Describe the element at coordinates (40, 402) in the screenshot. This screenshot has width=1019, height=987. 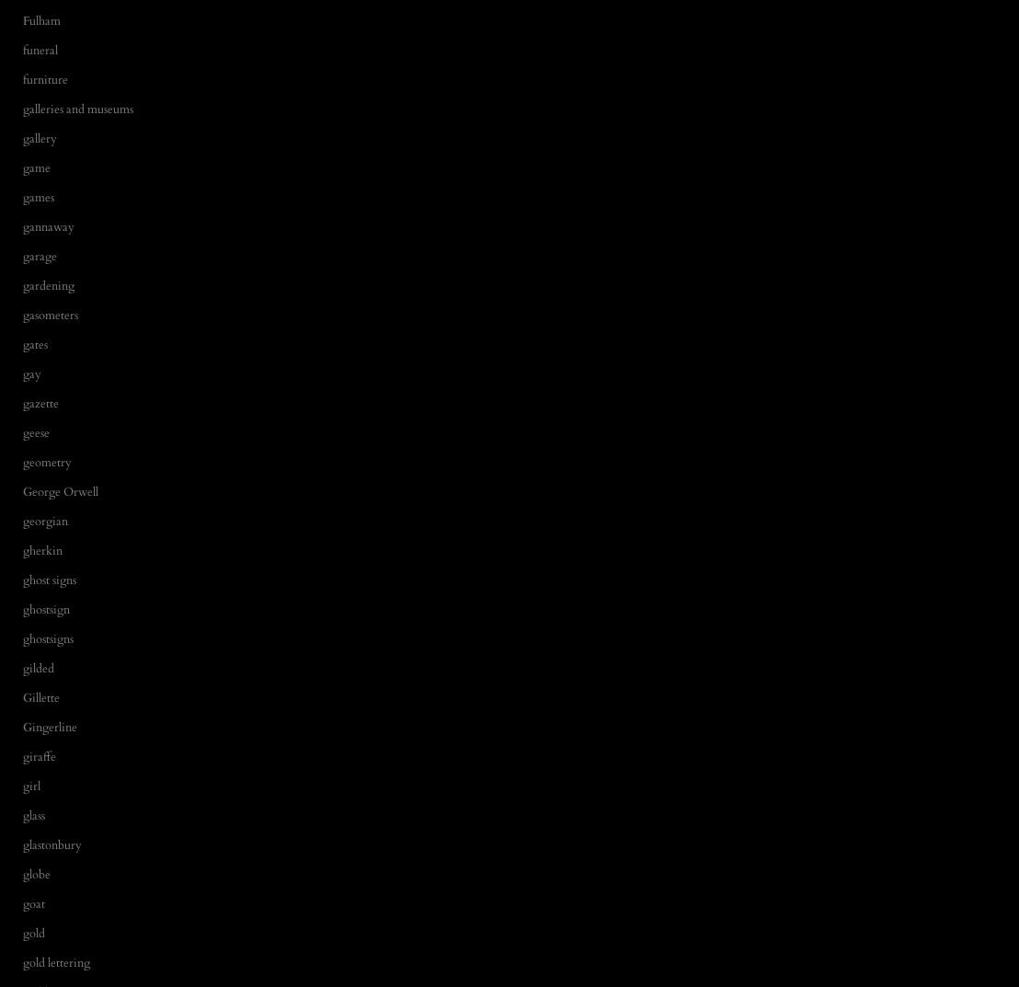
I see `'gazette'` at that location.